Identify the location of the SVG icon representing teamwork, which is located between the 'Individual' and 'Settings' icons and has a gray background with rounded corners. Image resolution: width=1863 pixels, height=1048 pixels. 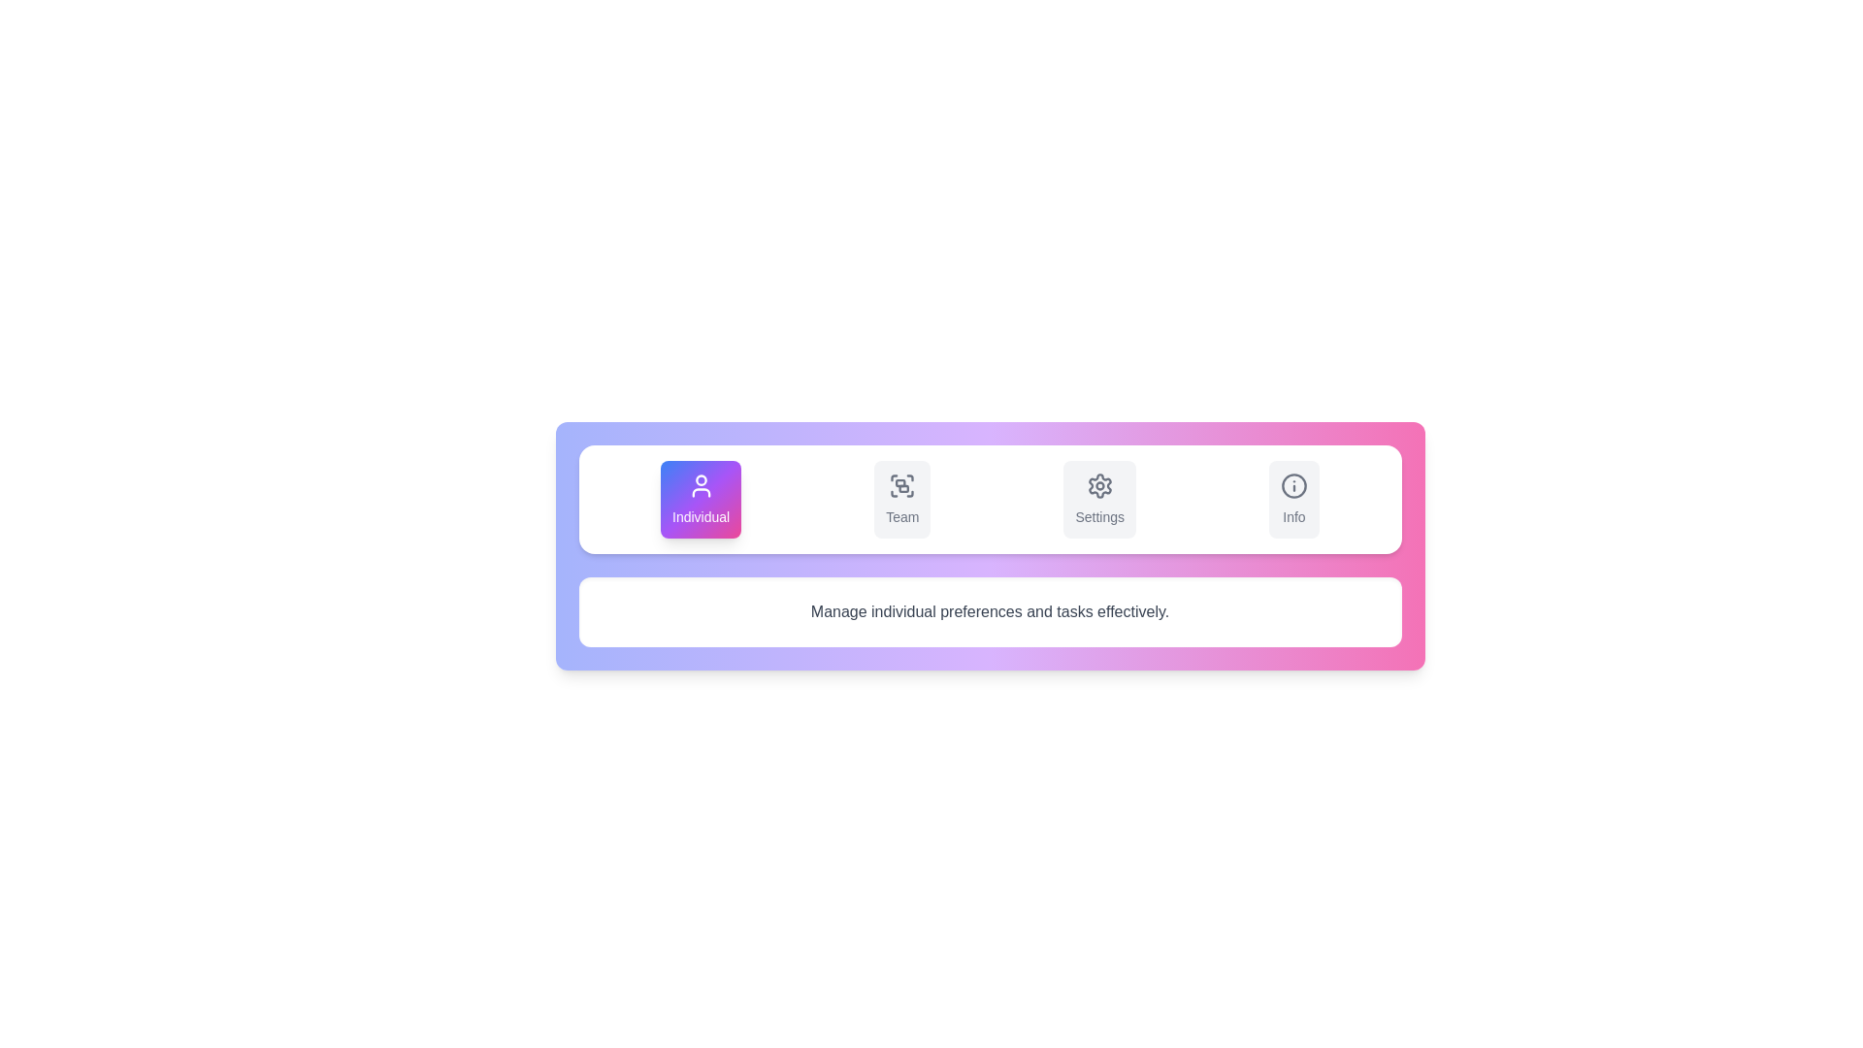
(901, 485).